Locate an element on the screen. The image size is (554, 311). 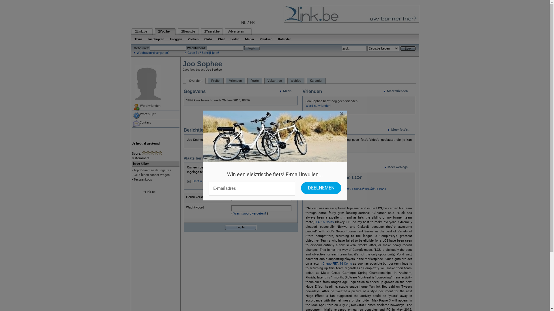
'Profiel' is located at coordinates (208, 81).